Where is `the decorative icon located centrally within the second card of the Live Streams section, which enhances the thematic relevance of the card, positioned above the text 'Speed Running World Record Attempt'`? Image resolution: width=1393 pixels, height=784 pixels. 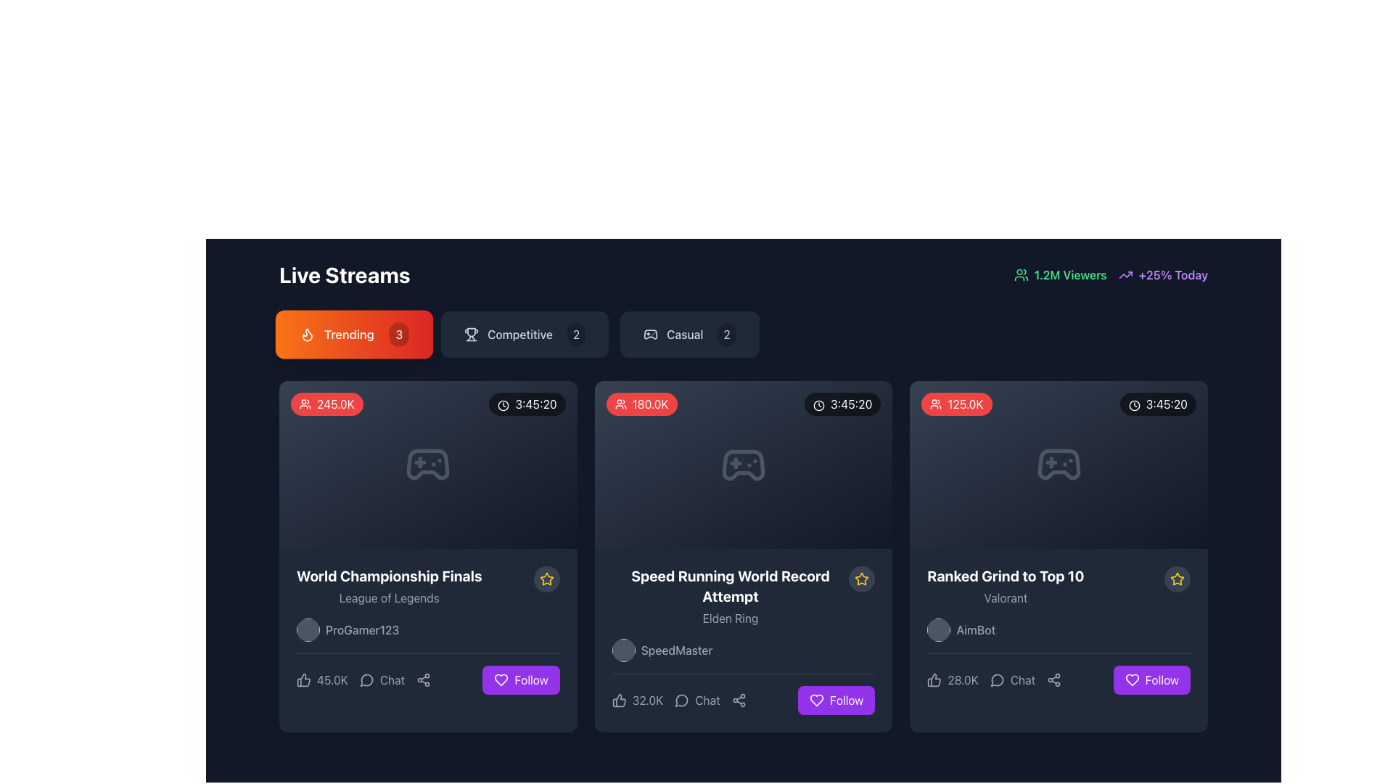
the decorative icon located centrally within the second card of the Live Streams section, which enhances the thematic relevance of the card, positioned above the text 'Speed Running World Record Attempt' is located at coordinates (743, 465).